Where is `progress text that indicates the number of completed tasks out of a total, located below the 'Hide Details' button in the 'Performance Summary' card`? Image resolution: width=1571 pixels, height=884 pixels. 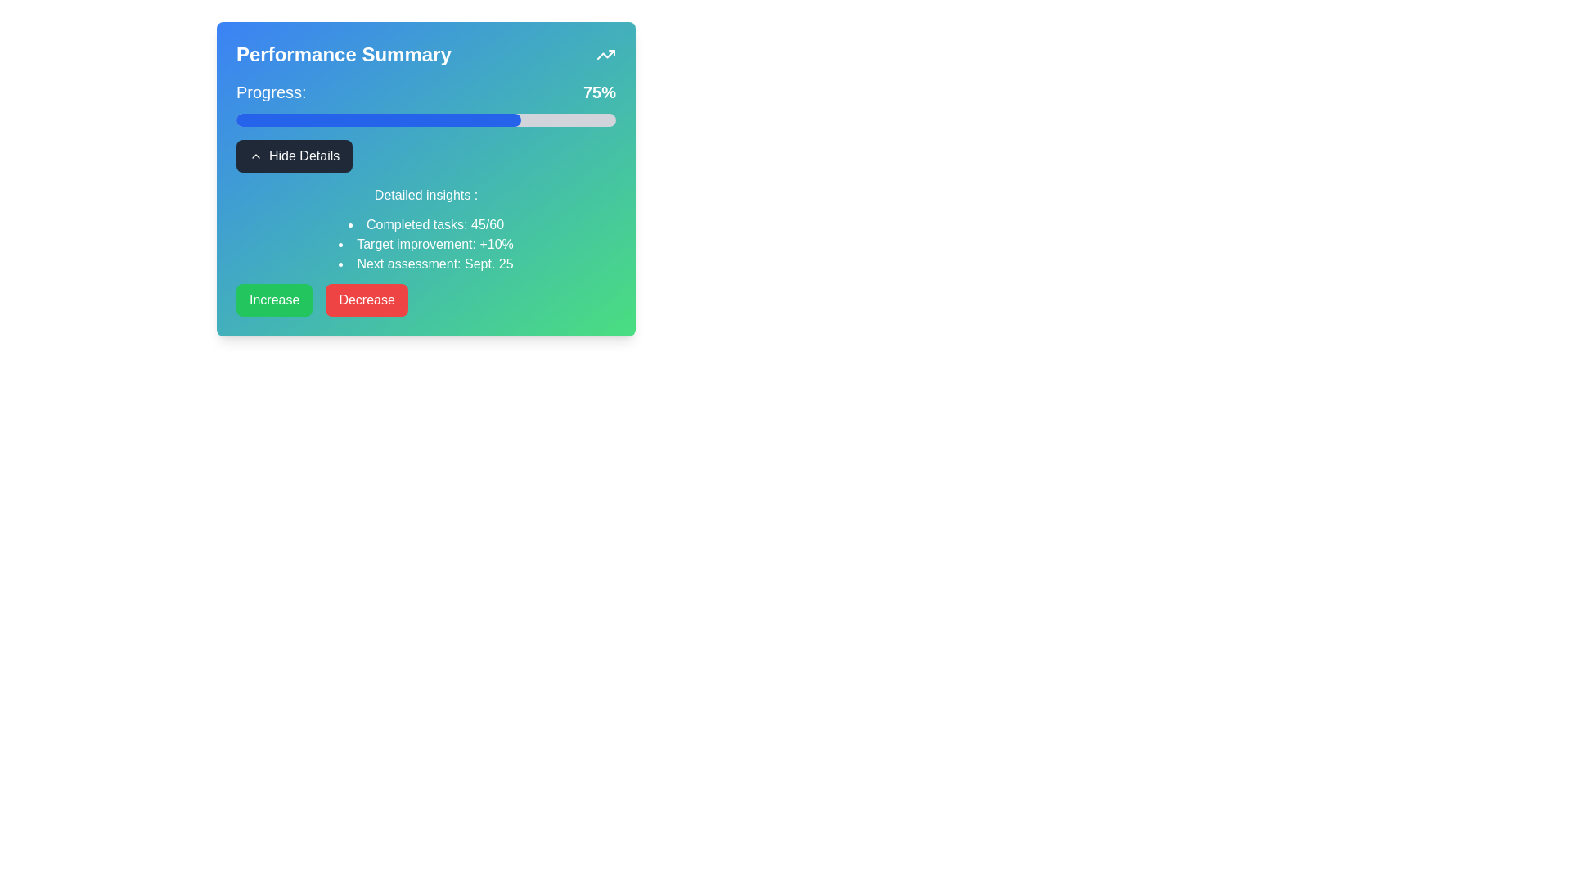 progress text that indicates the number of completed tasks out of a total, located below the 'Hide Details' button in the 'Performance Summary' card is located at coordinates (426, 224).